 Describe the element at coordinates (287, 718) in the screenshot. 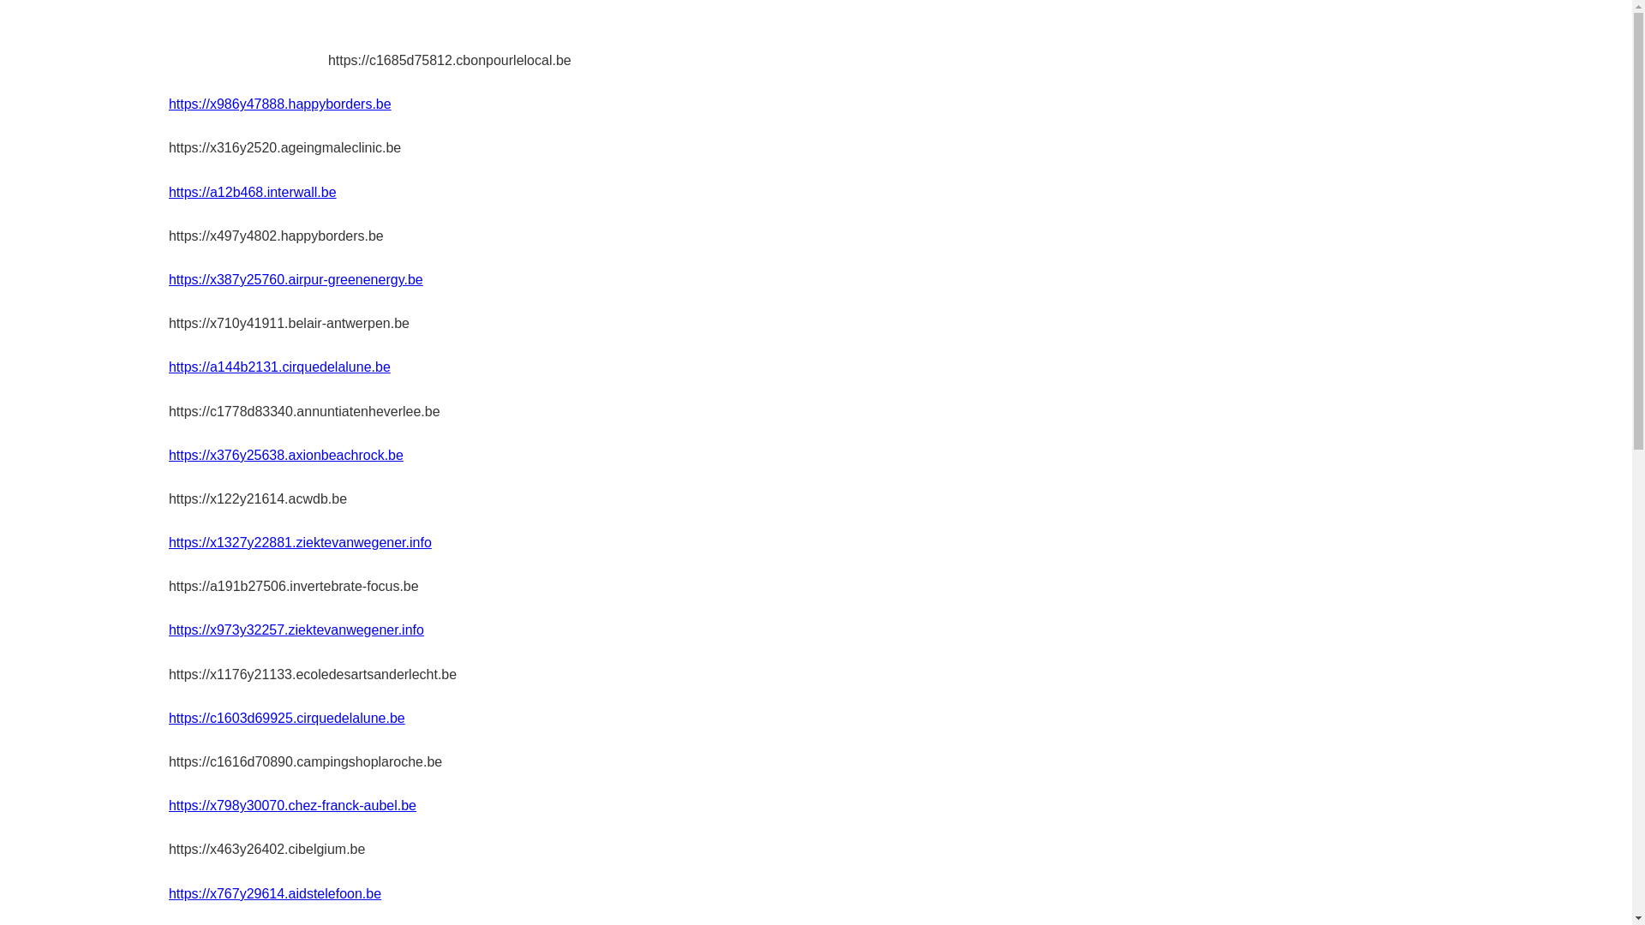

I see `'https://c1603d69925.cirquedelalune.be'` at that location.